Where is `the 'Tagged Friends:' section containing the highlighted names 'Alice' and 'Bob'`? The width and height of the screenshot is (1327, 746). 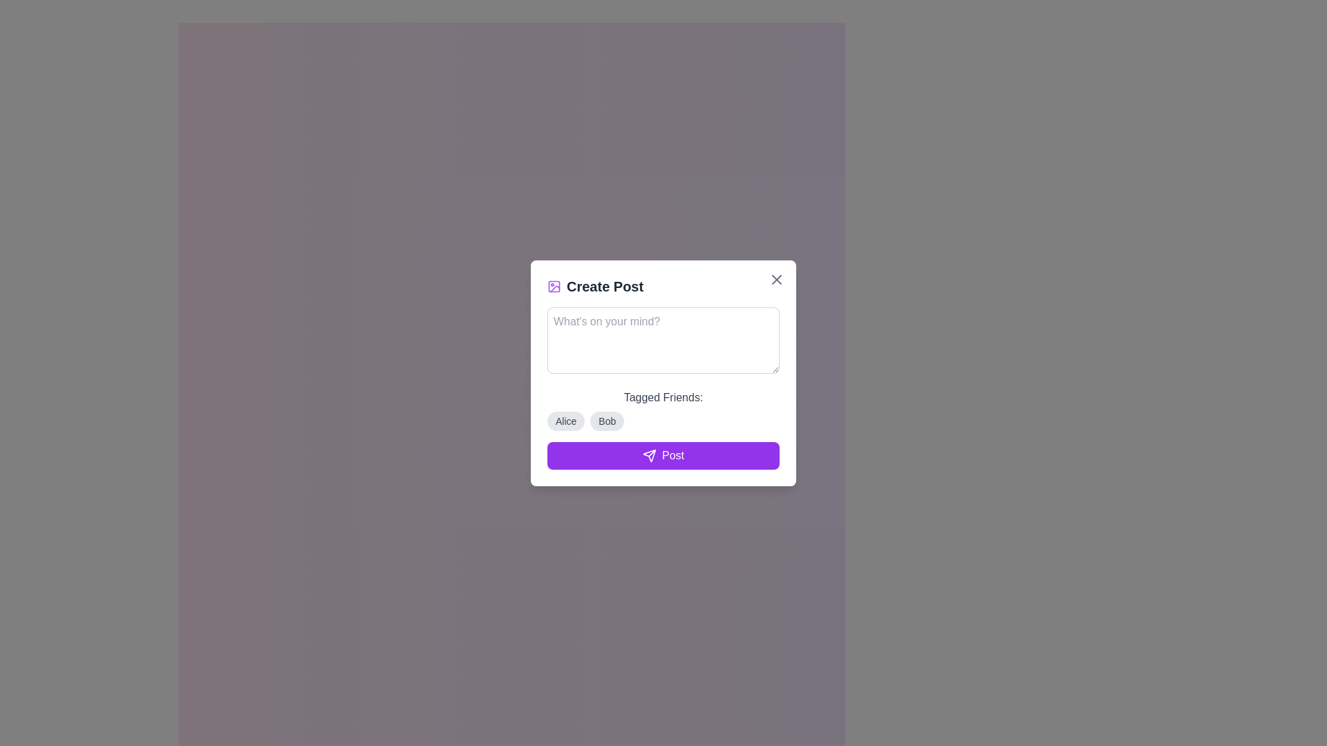
the 'Tagged Friends:' section containing the highlighted names 'Alice' and 'Bob' is located at coordinates (663, 409).